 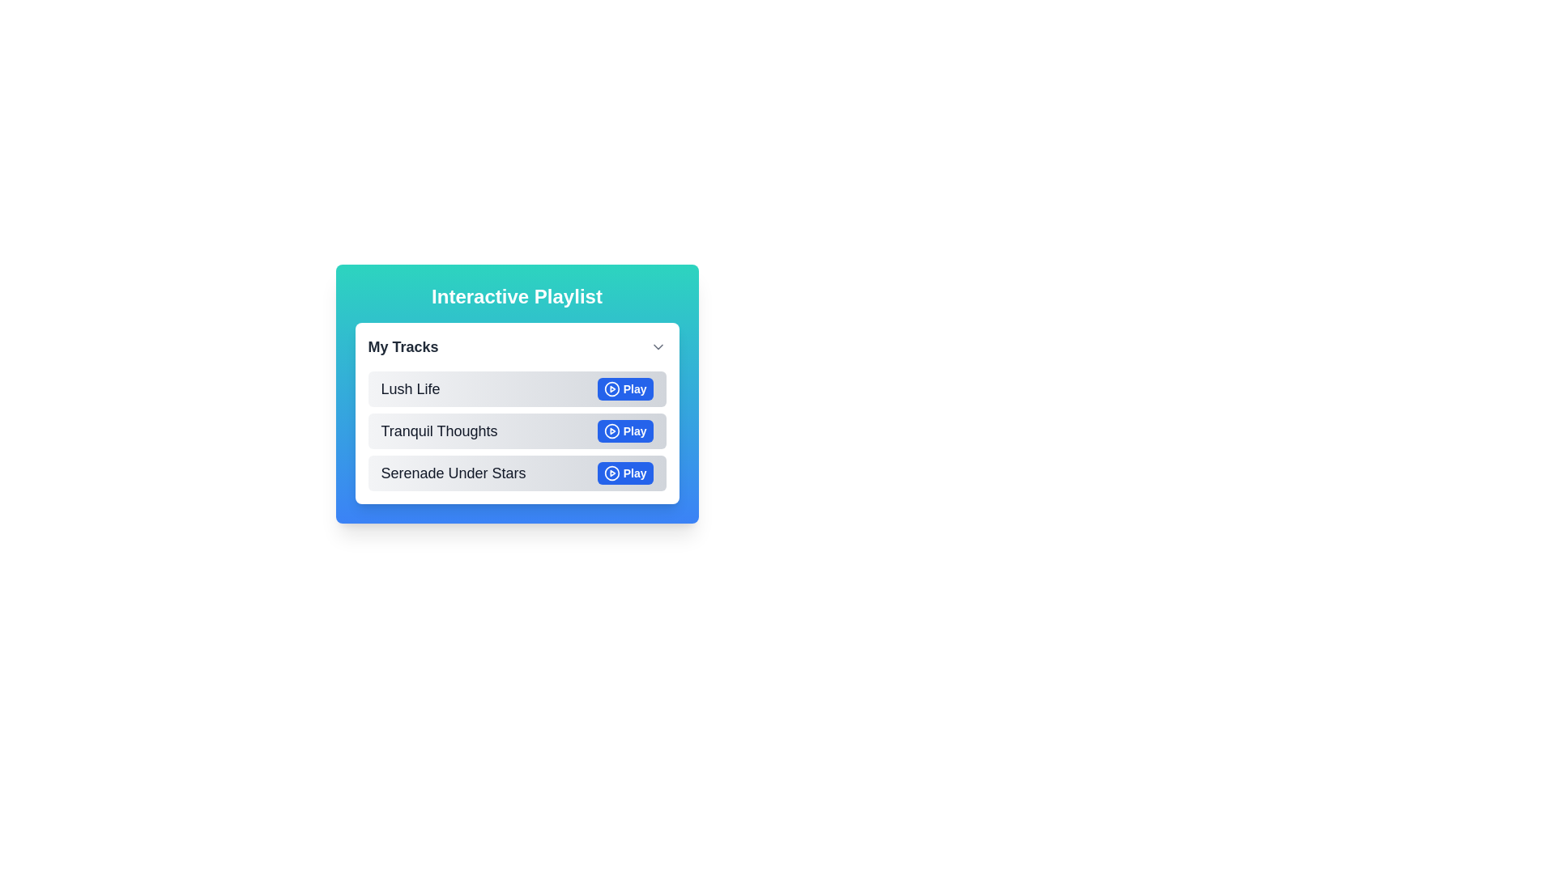 I want to click on the text label that displays the title of the audio track, which is centrally located in the second entry of a vertical list, to the left of the blue 'Play' button, so click(x=439, y=430).